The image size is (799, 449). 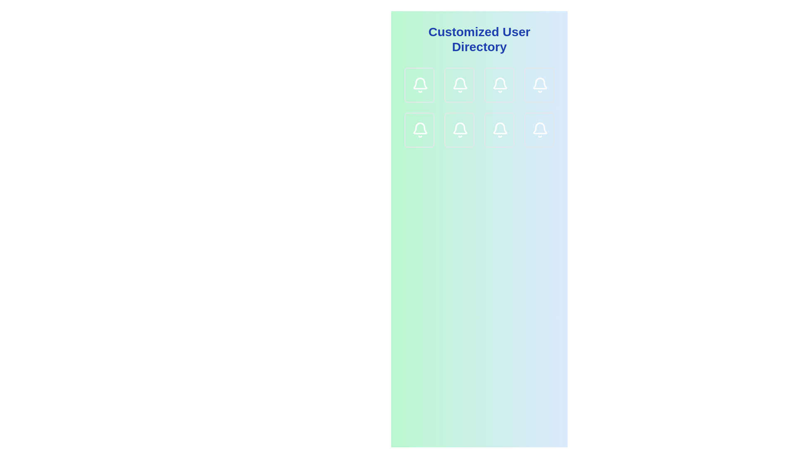 I want to click on the notification bell icon, which is a light outline on a gradient background, positioned centrally in the second column of the first row among a grid of icons, so click(x=459, y=83).